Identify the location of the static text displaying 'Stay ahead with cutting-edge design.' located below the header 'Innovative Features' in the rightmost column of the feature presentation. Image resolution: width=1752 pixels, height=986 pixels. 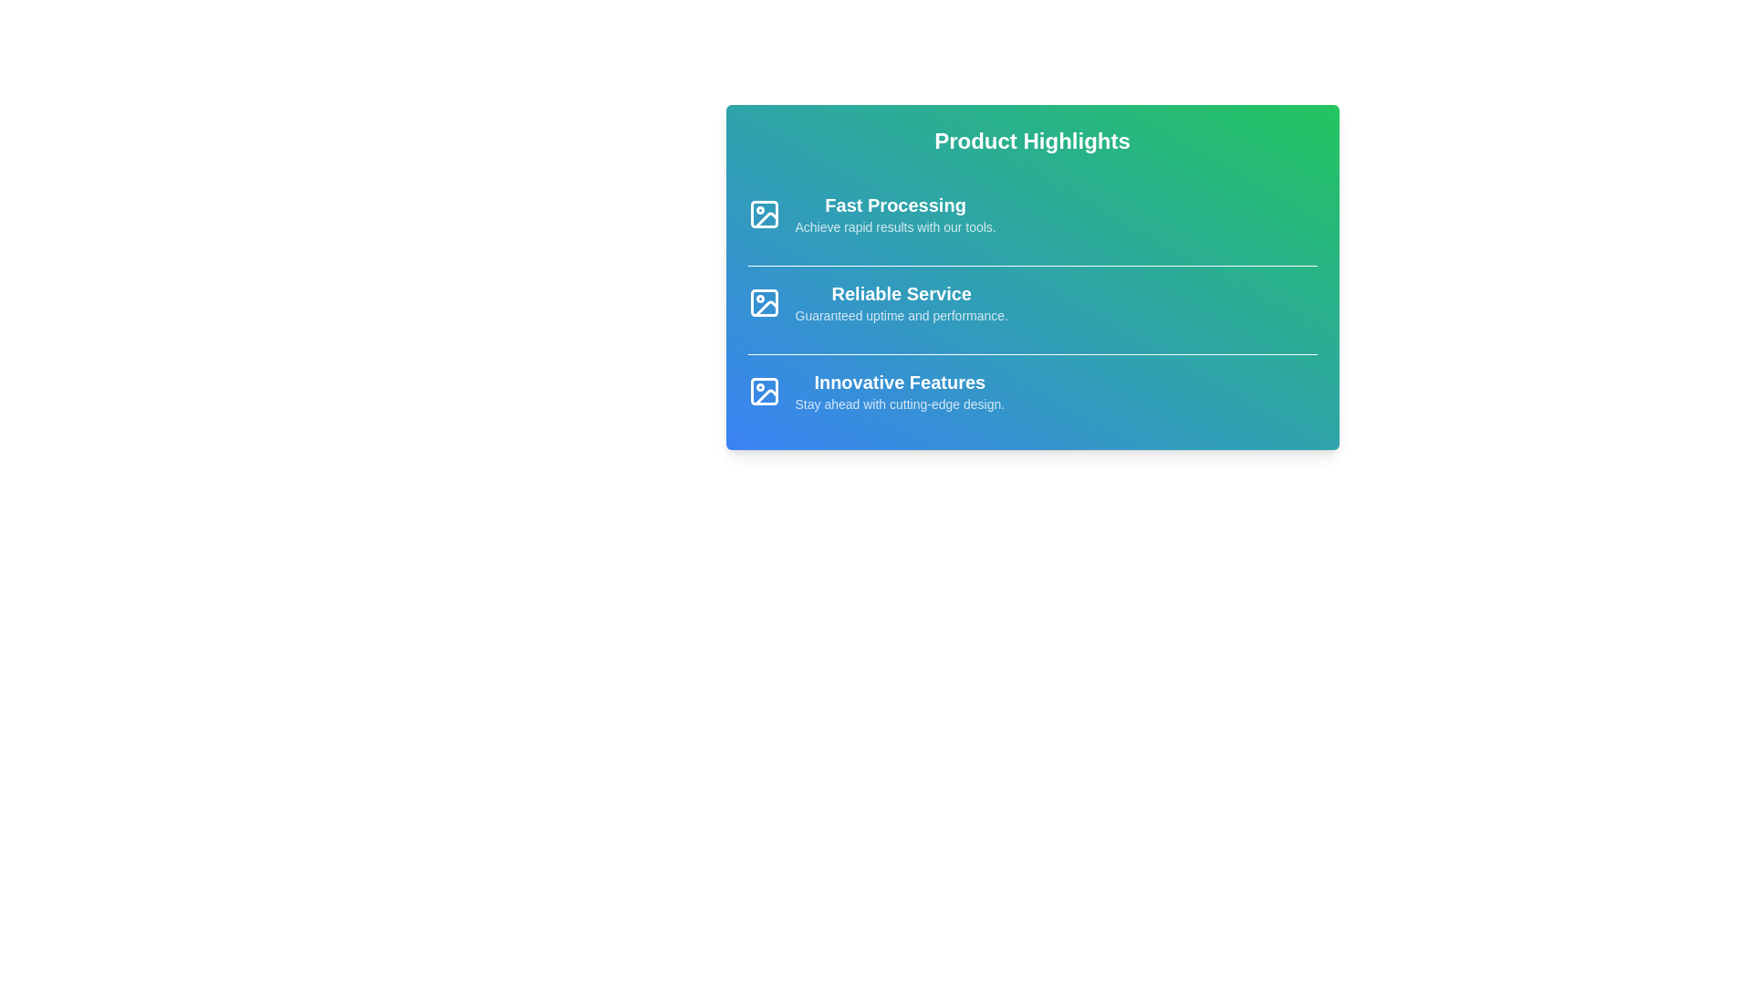
(900, 404).